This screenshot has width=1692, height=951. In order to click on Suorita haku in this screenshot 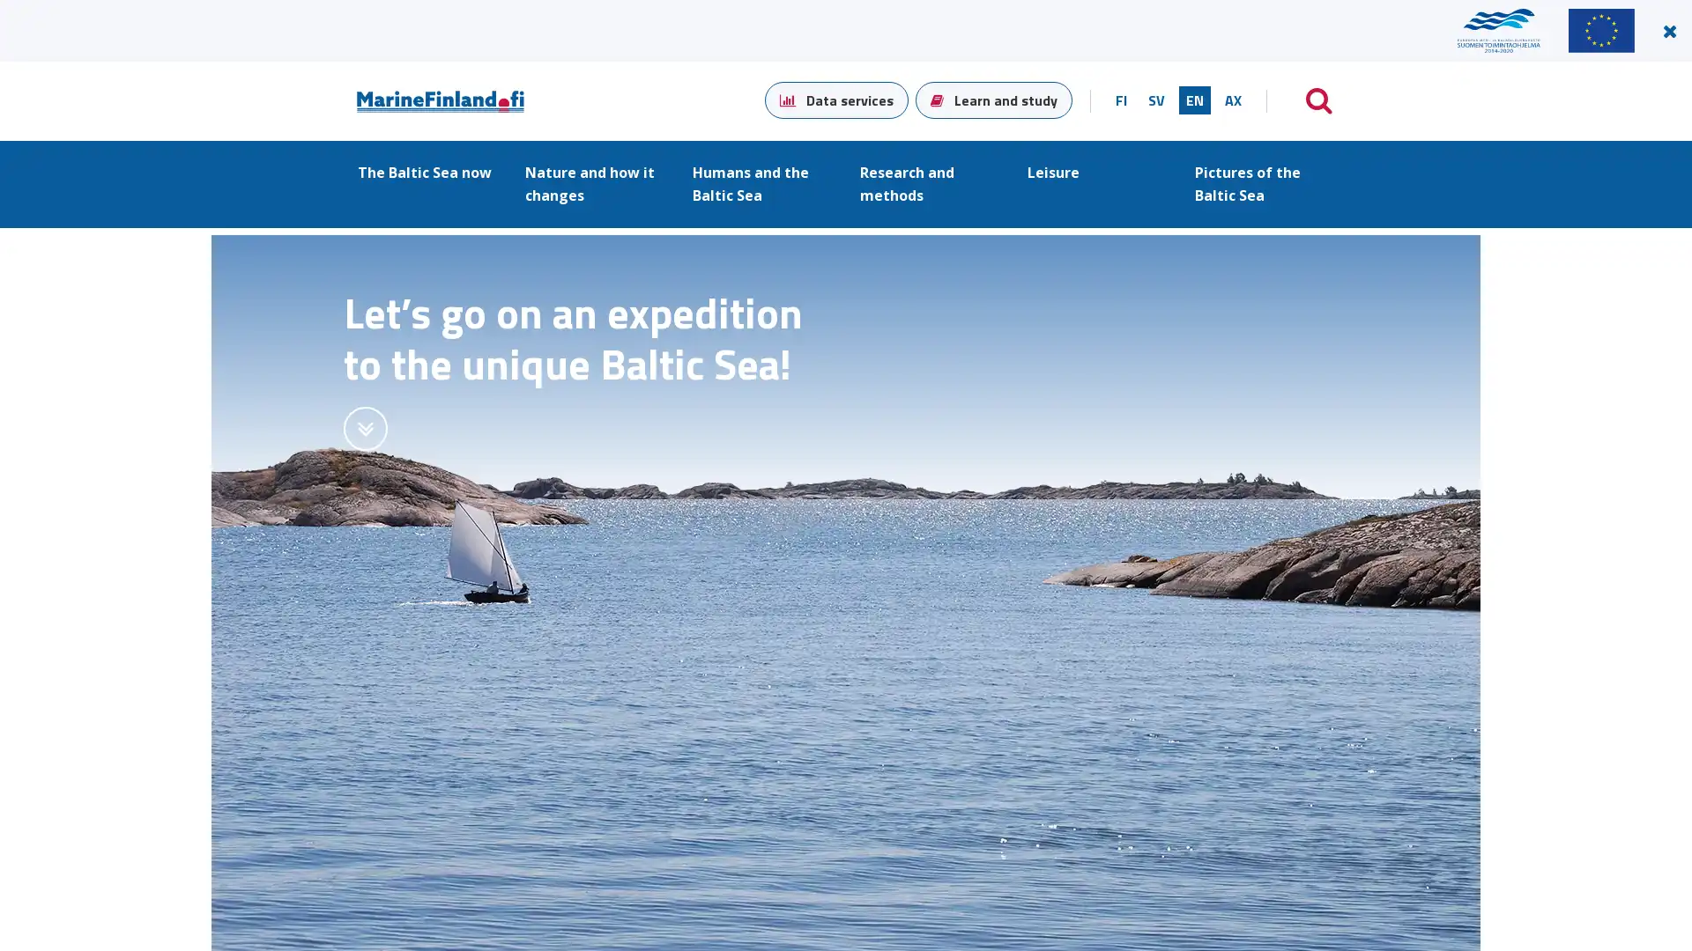, I will do `click(1319, 100)`.